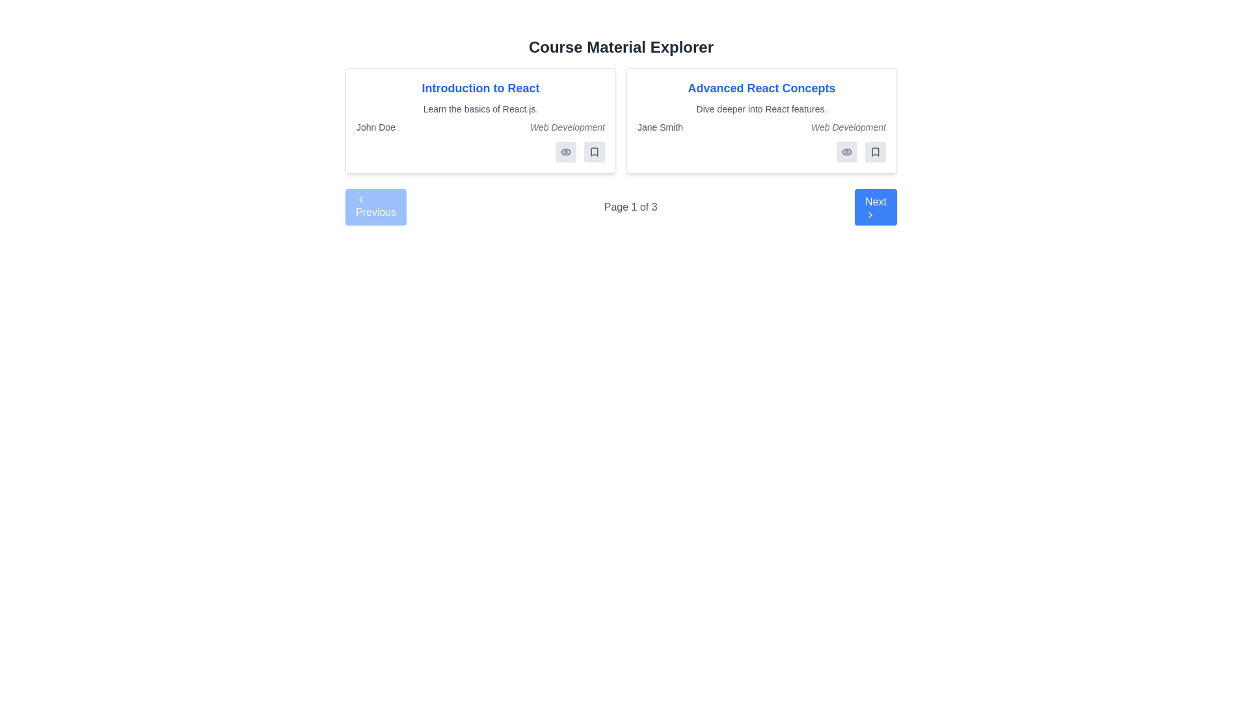  Describe the element at coordinates (875, 151) in the screenshot. I see `the bookmark icon located in the bottom-right corner of the 'Advanced React Concepts' card` at that location.